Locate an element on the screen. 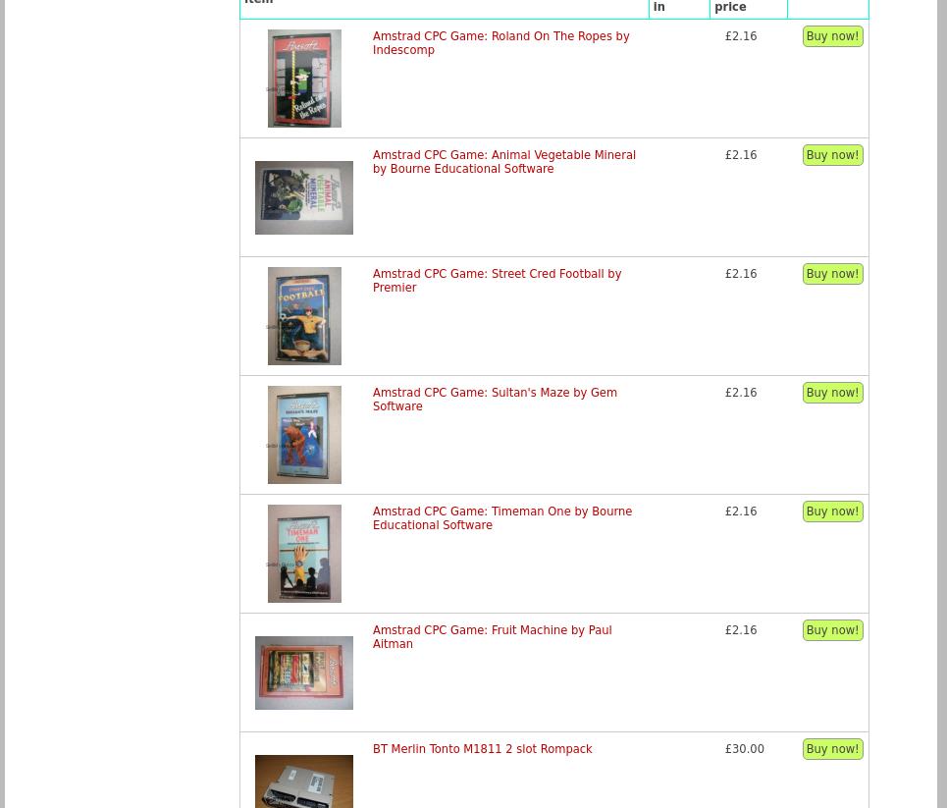  '£30.00' is located at coordinates (743, 747).